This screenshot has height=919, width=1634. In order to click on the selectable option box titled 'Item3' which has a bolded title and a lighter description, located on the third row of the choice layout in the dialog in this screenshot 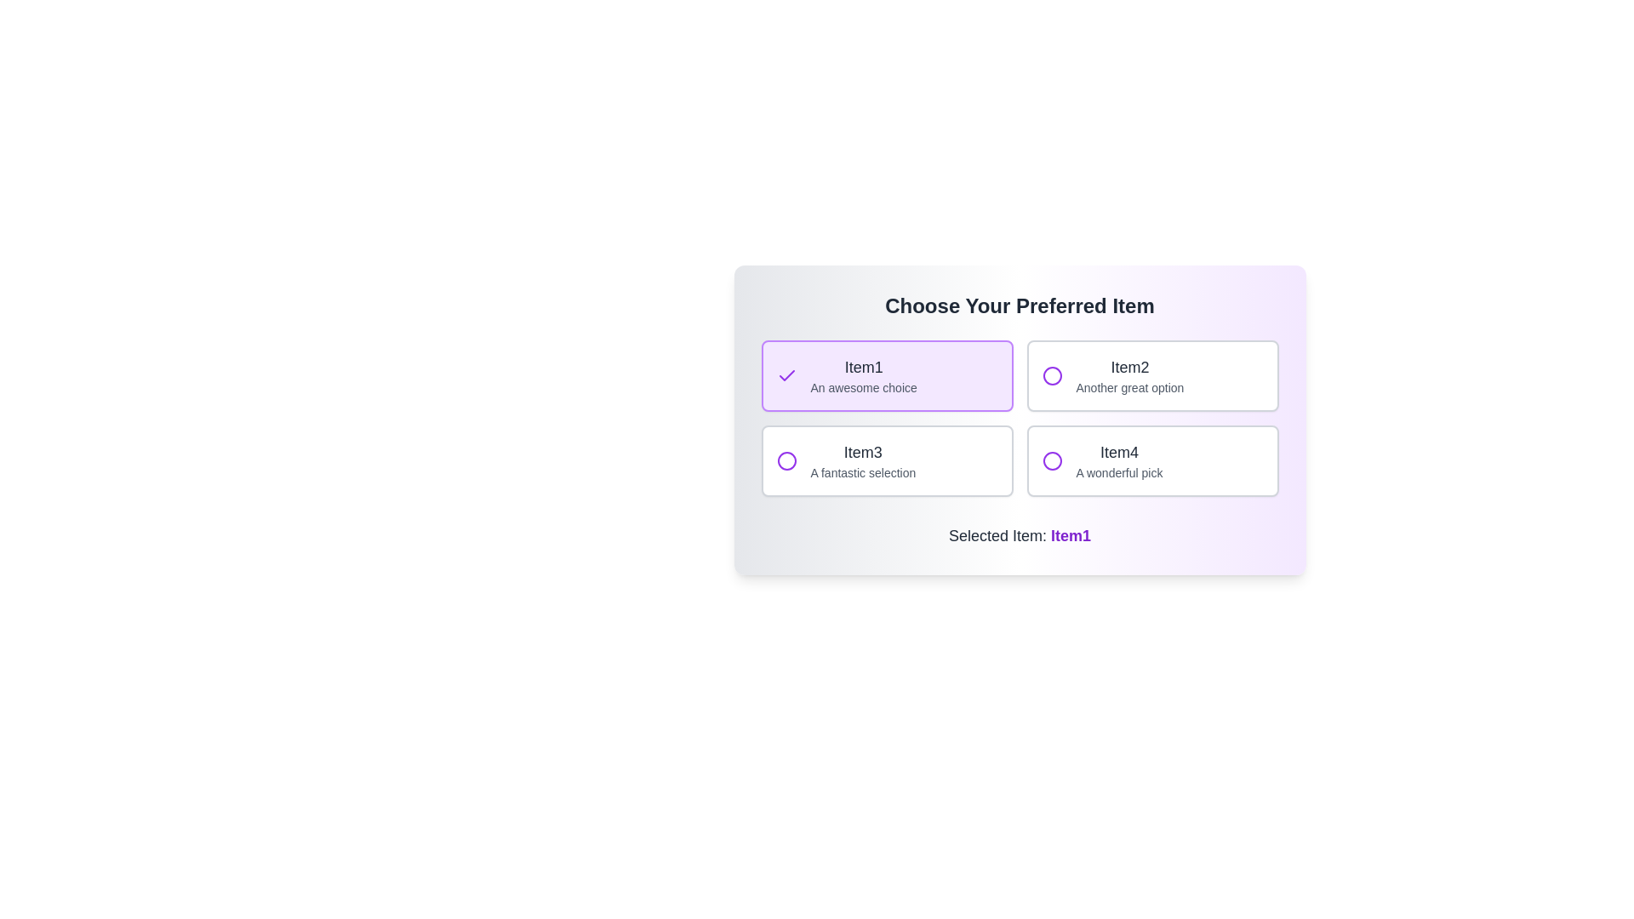, I will do `click(863, 461)`.